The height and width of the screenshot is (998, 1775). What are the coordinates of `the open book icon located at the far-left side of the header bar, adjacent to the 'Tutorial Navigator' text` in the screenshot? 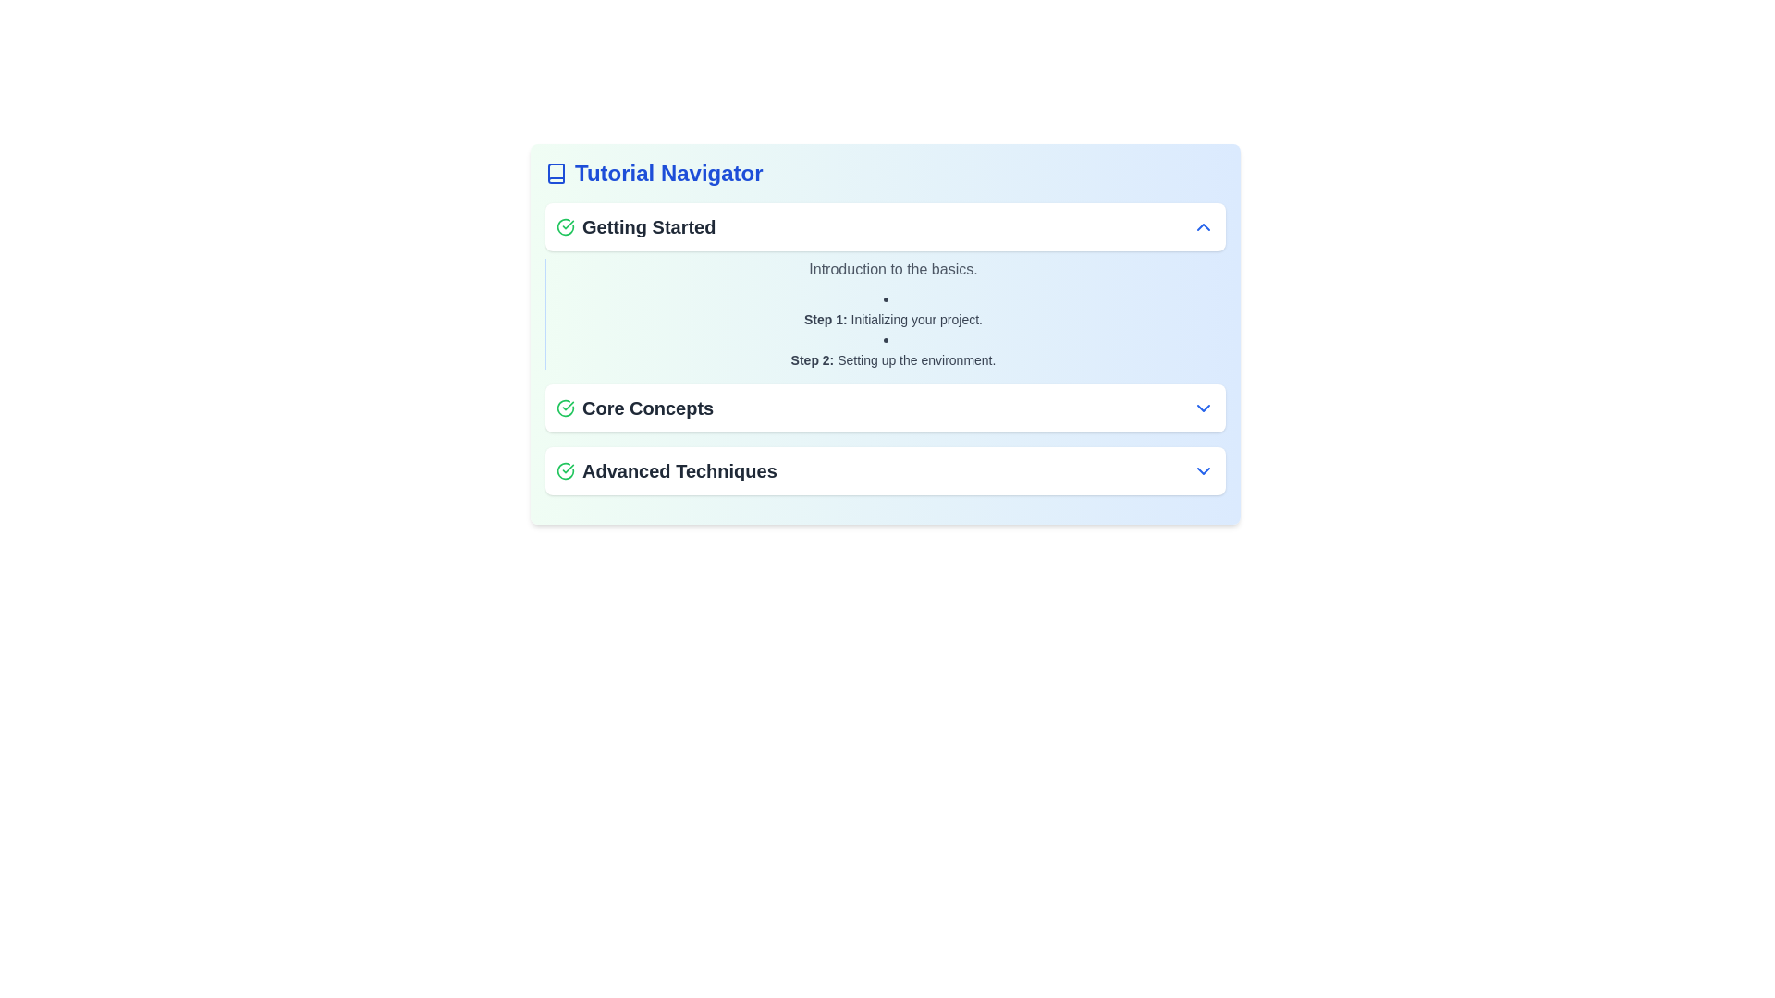 It's located at (555, 174).